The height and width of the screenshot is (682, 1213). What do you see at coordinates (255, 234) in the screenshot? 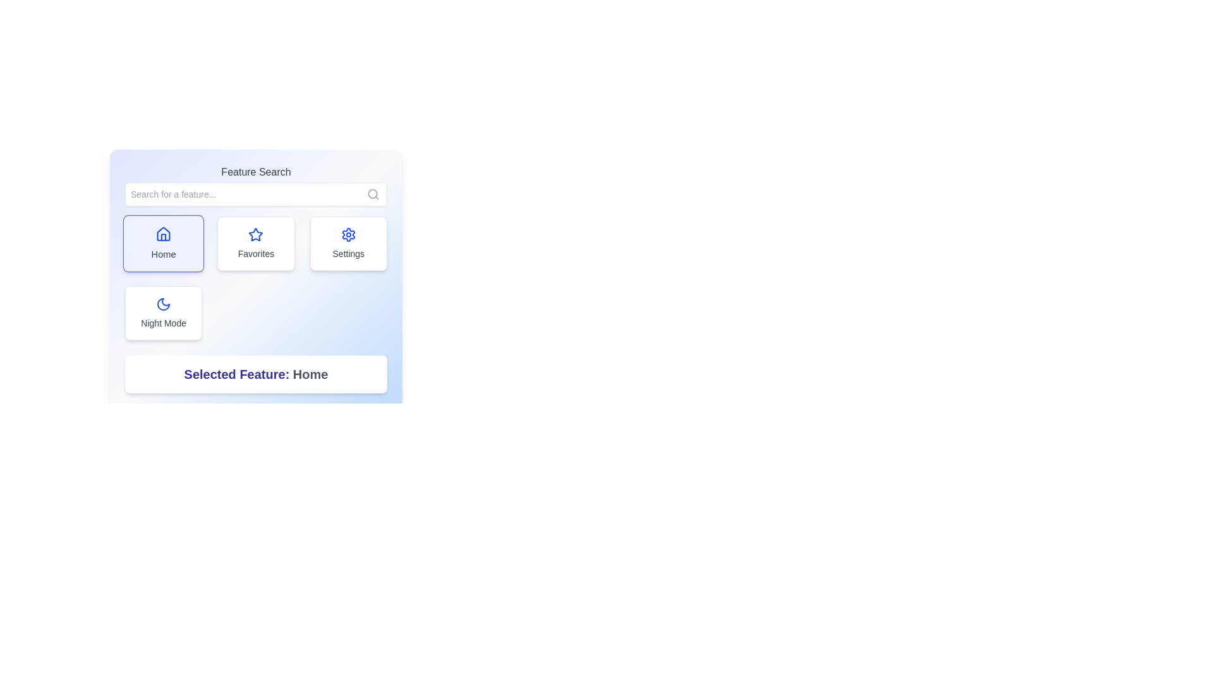
I see `the star icon with a blue outline located in the second button of the top row of a three-button grid` at bounding box center [255, 234].